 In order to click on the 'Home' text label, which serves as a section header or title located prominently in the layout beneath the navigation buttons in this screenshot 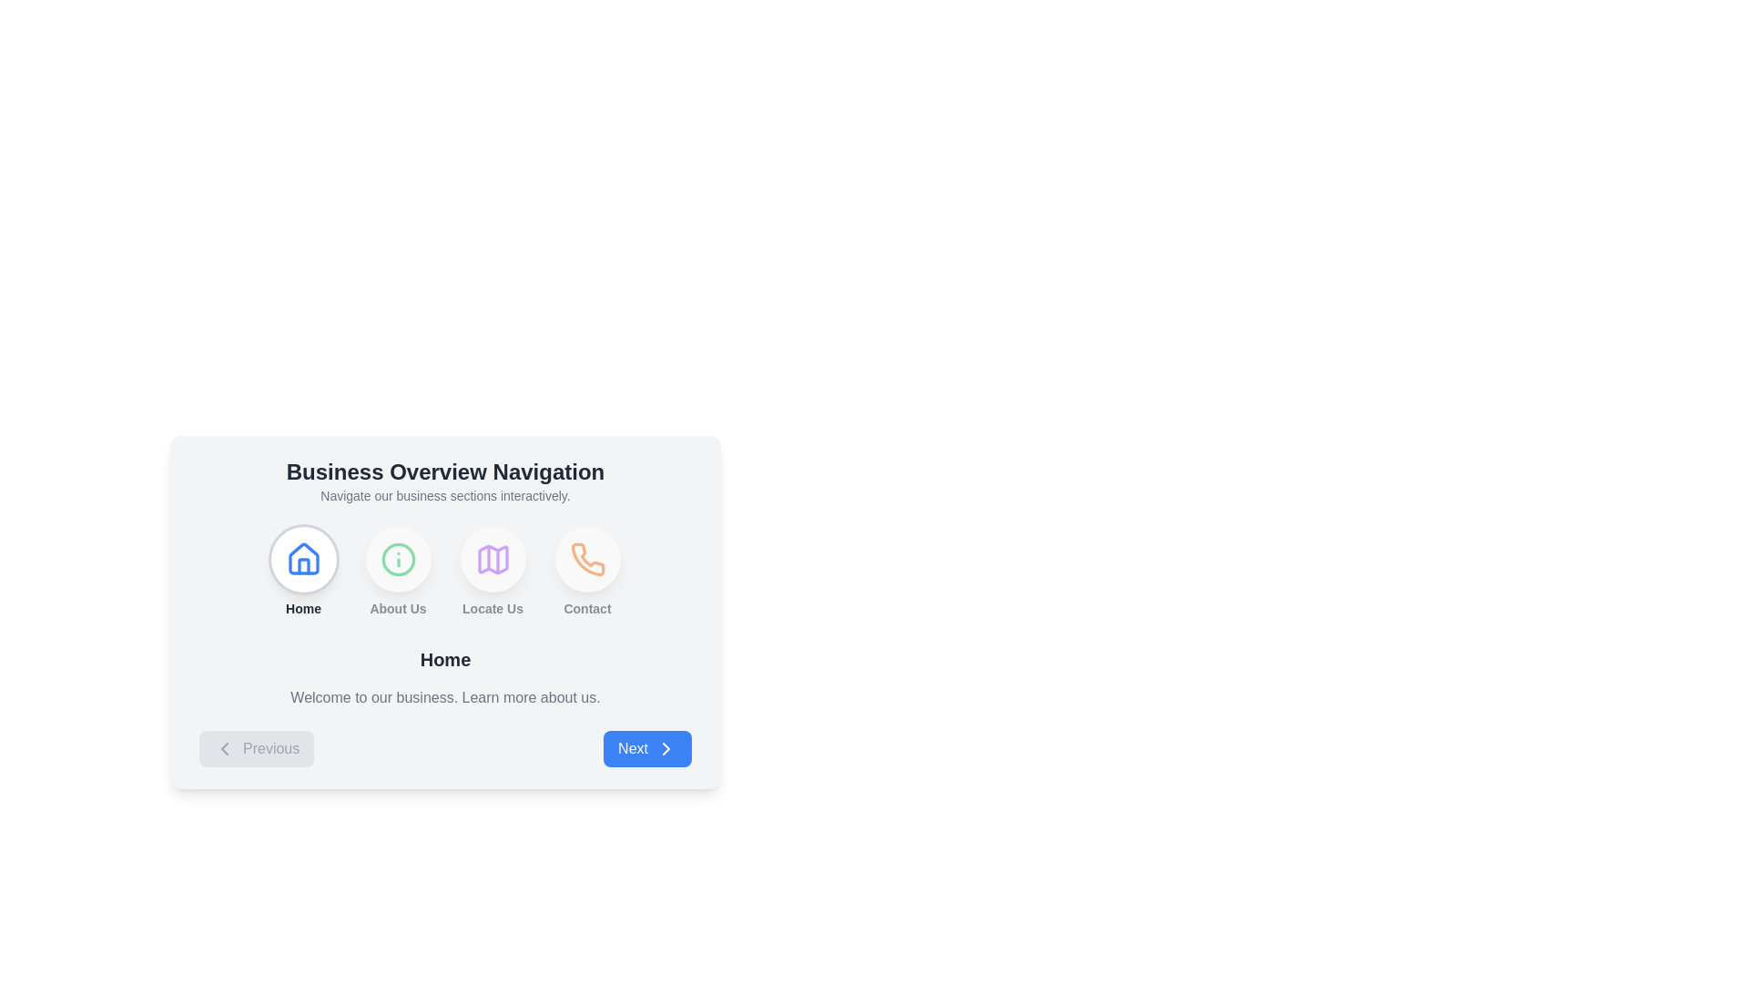, I will do `click(445, 660)`.